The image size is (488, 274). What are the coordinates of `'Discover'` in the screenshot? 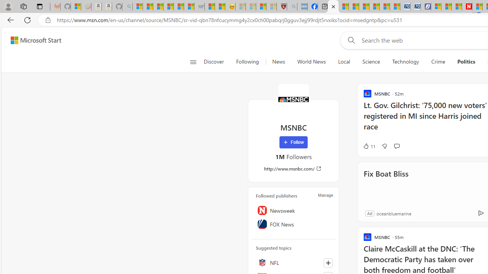 It's located at (213, 62).